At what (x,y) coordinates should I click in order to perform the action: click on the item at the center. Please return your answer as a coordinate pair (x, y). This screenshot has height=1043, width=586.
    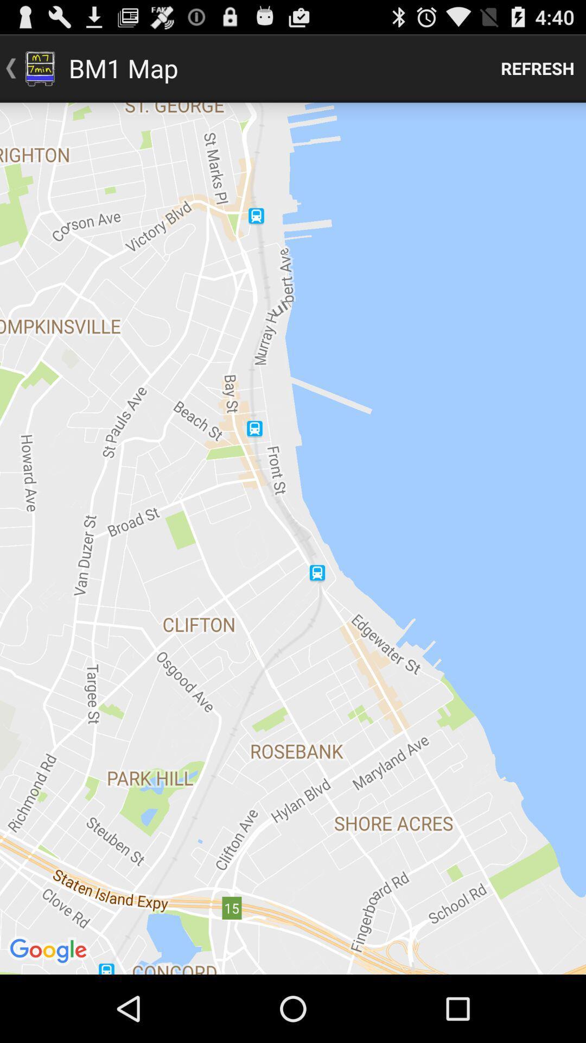
    Looking at the image, I should click on (293, 538).